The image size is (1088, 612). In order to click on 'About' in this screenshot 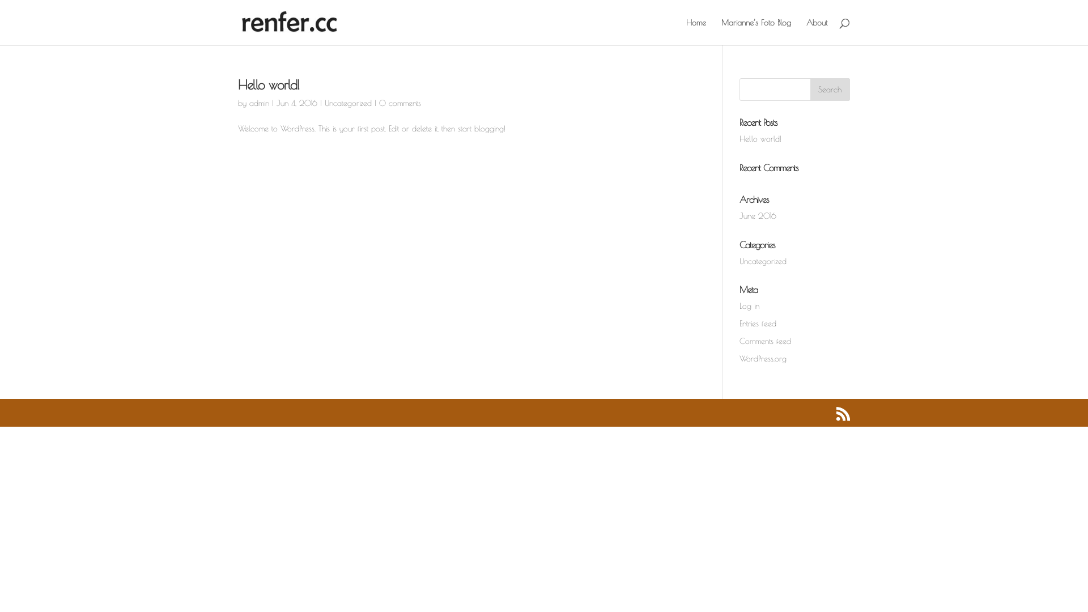, I will do `click(817, 31)`.